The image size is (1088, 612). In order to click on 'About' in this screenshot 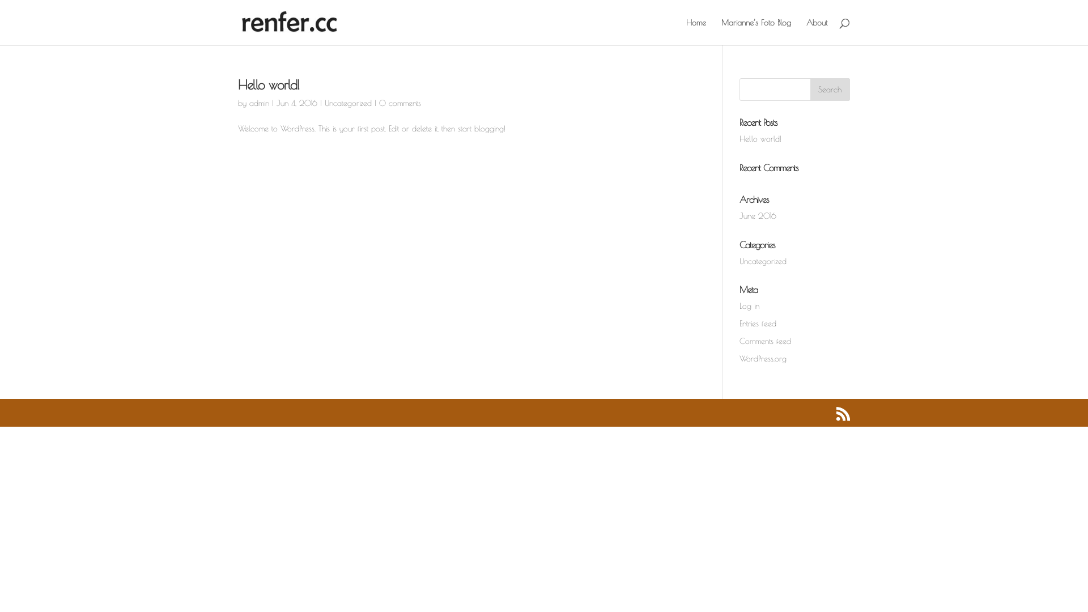, I will do `click(817, 31)`.